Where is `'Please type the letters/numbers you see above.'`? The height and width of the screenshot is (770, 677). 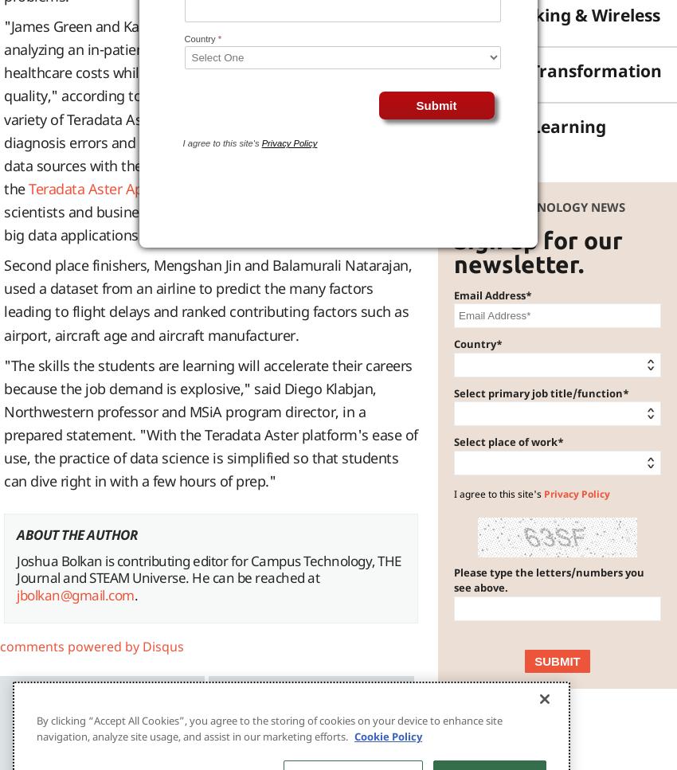 'Please type the letters/numbers you see above.' is located at coordinates (548, 578).